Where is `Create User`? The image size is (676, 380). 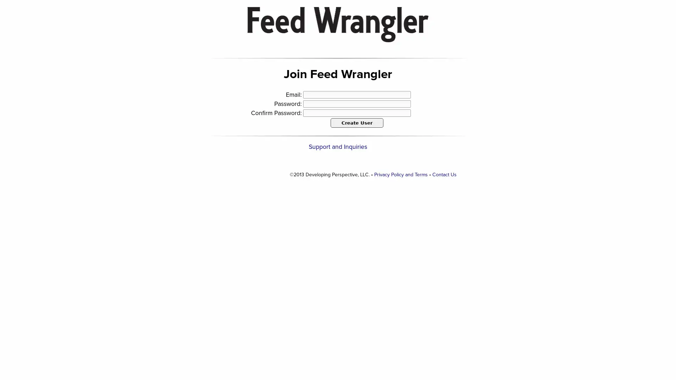
Create User is located at coordinates (357, 122).